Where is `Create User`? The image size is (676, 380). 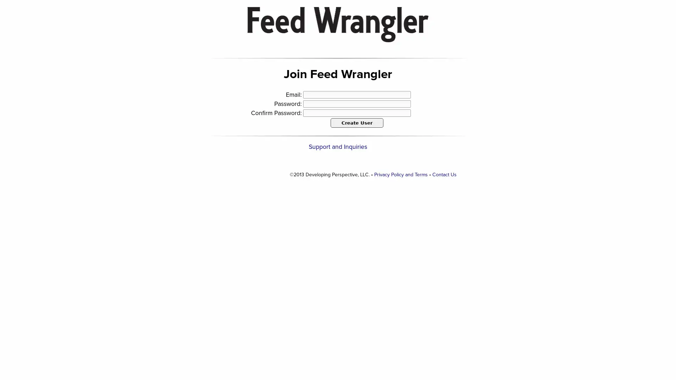
Create User is located at coordinates (357, 122).